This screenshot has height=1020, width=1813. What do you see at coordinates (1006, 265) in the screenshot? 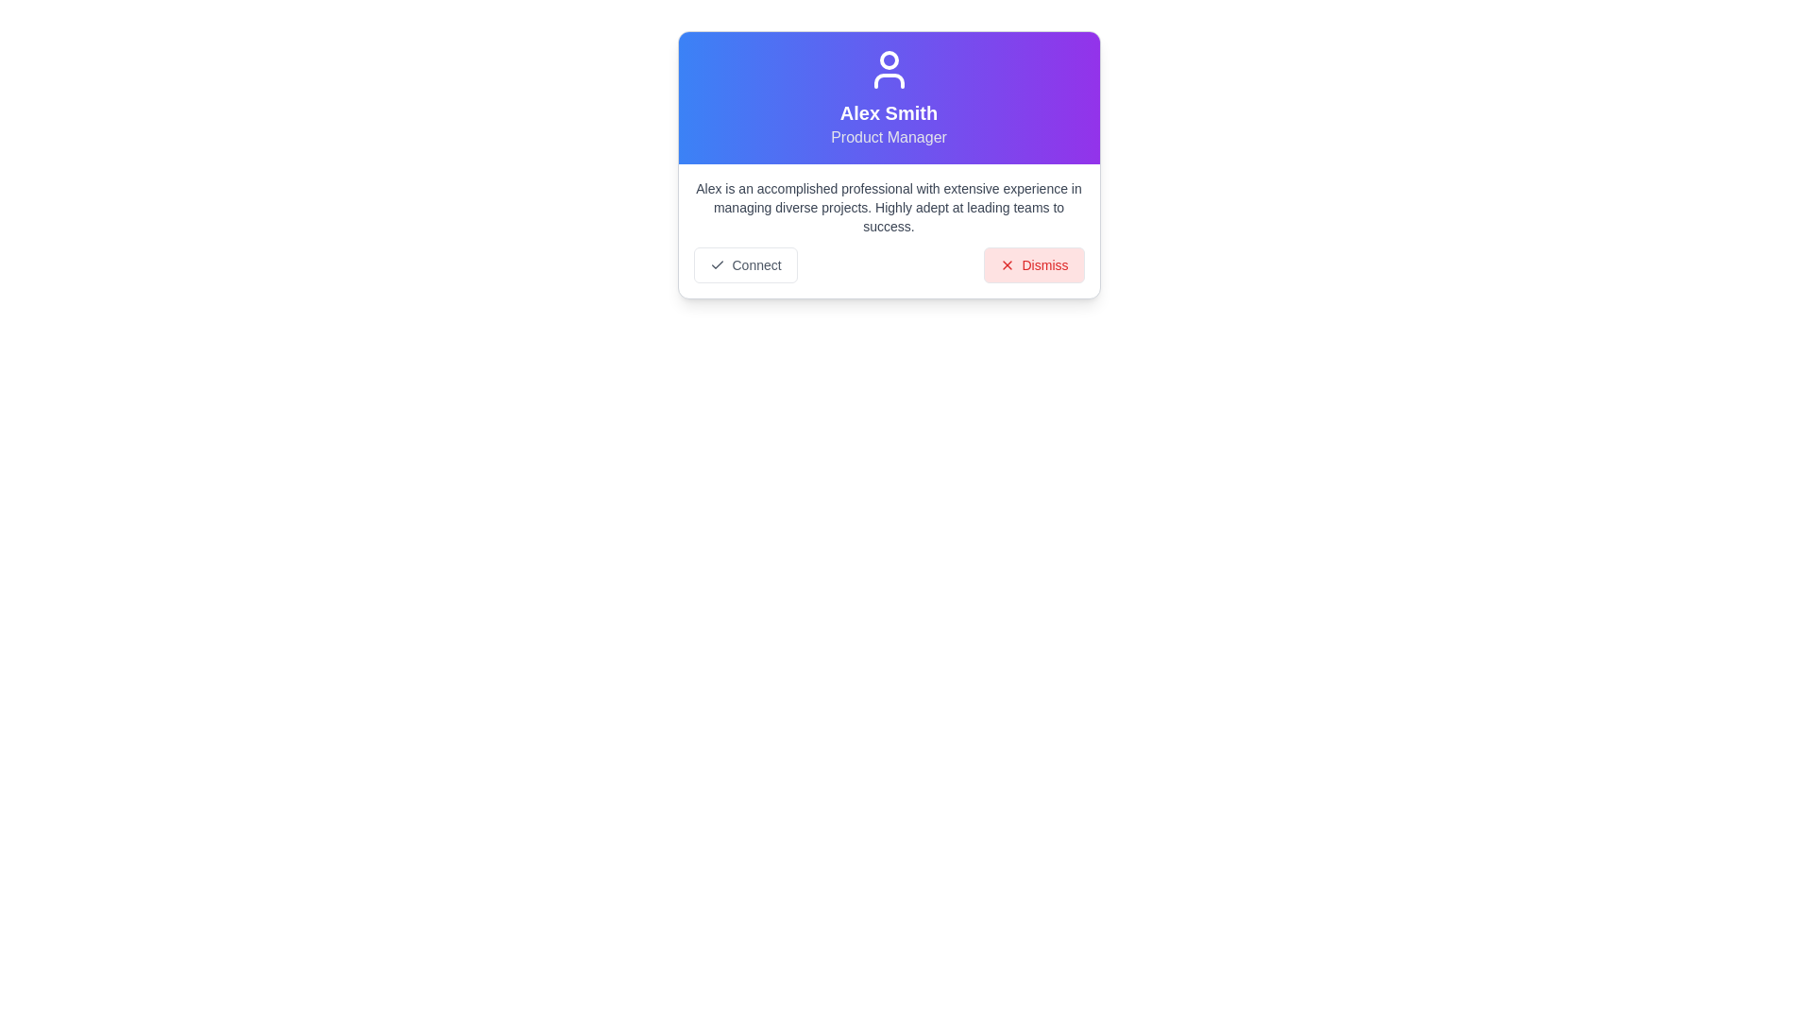
I see `the red 'x' SVG icon located within the 'Dismiss' button of the profile card` at bounding box center [1006, 265].